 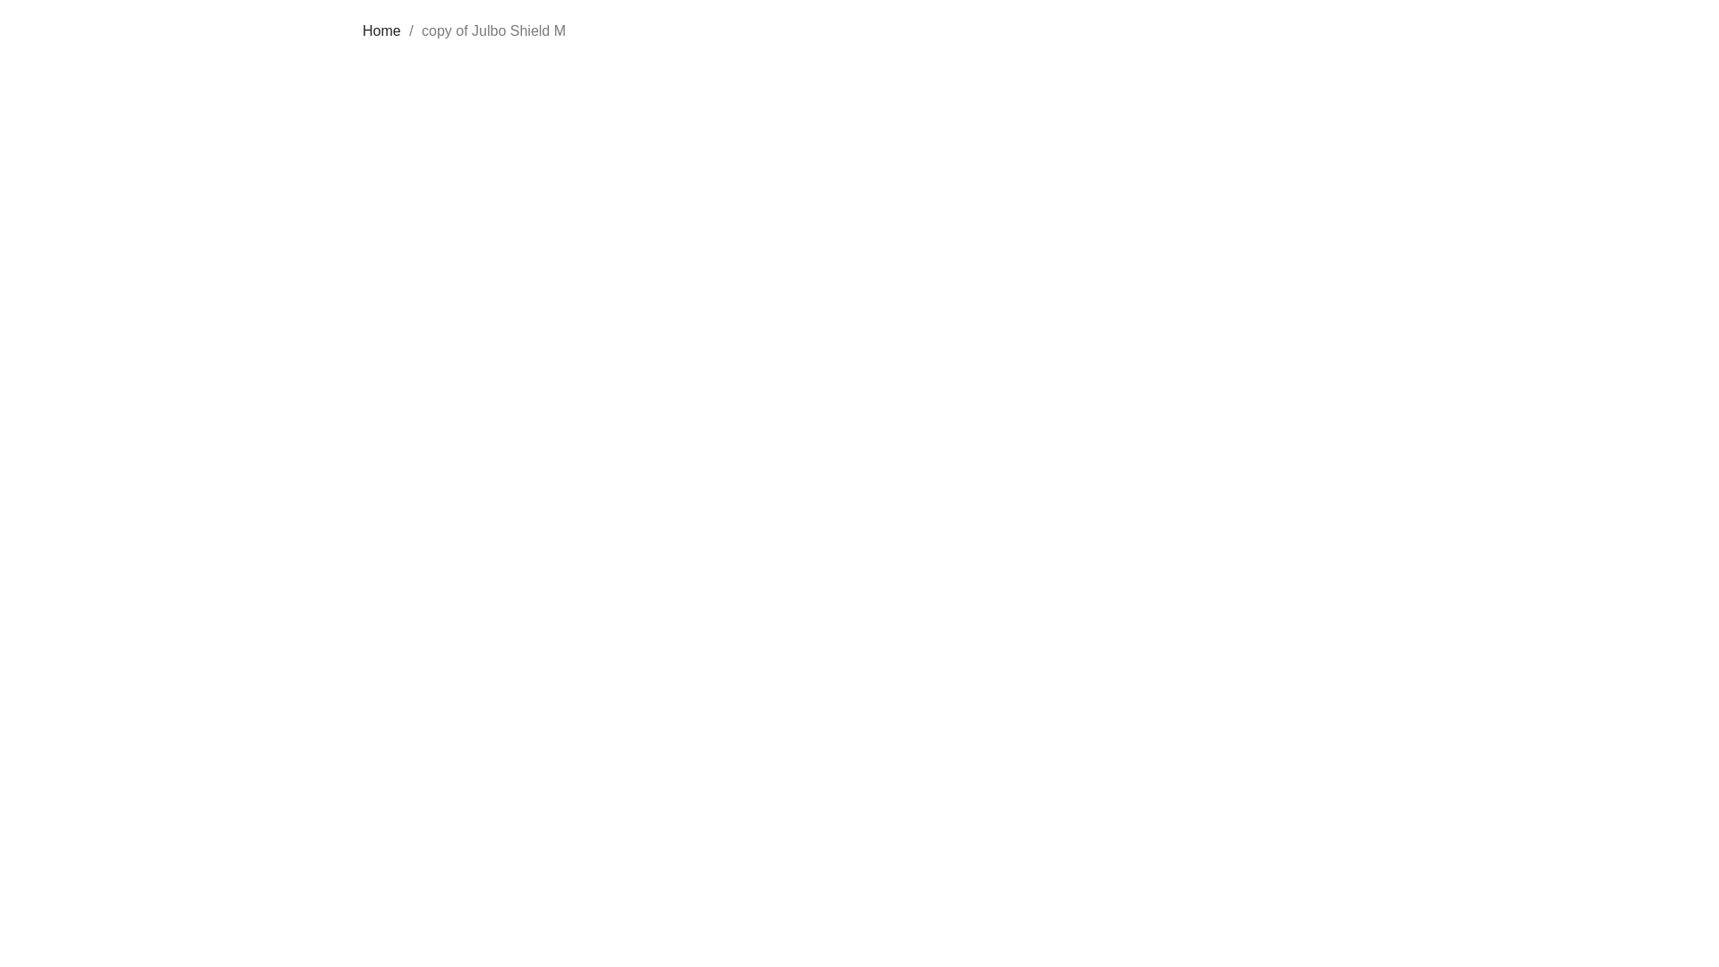 I want to click on 'Home', so click(x=381, y=30).